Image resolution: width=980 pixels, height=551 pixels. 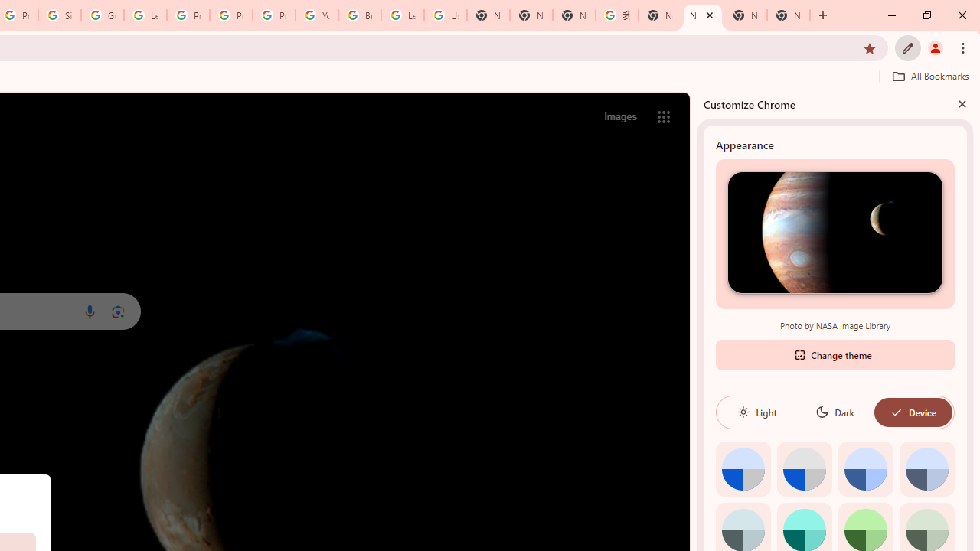 I want to click on 'Default color', so click(x=743, y=468).